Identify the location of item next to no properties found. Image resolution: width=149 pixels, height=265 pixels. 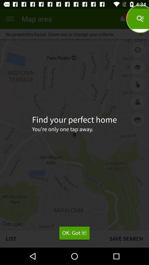
(141, 34).